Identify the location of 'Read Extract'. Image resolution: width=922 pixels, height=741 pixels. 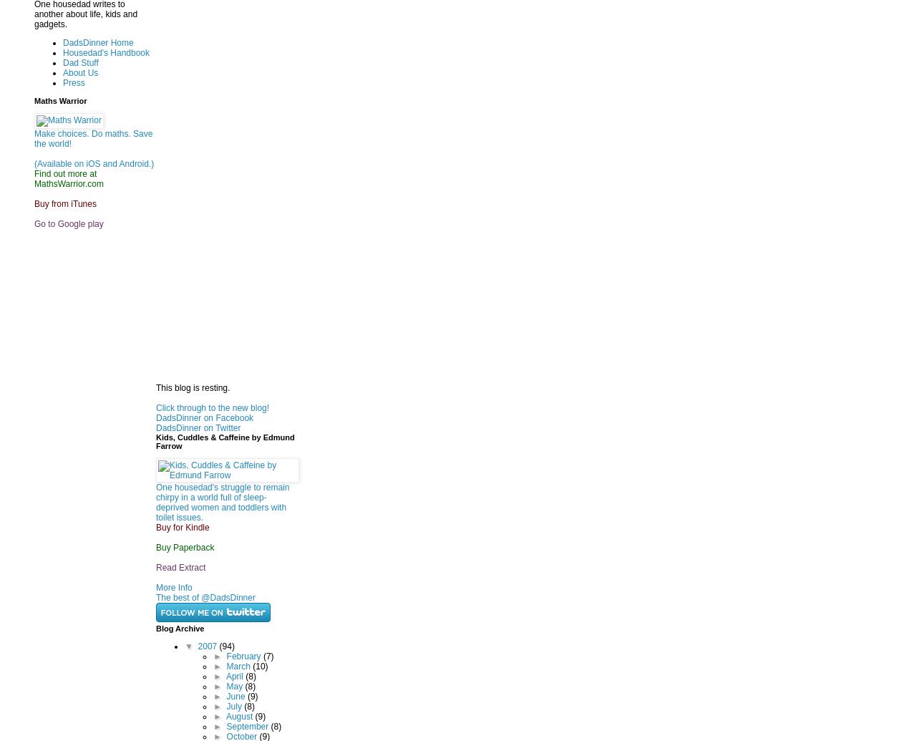
(180, 566).